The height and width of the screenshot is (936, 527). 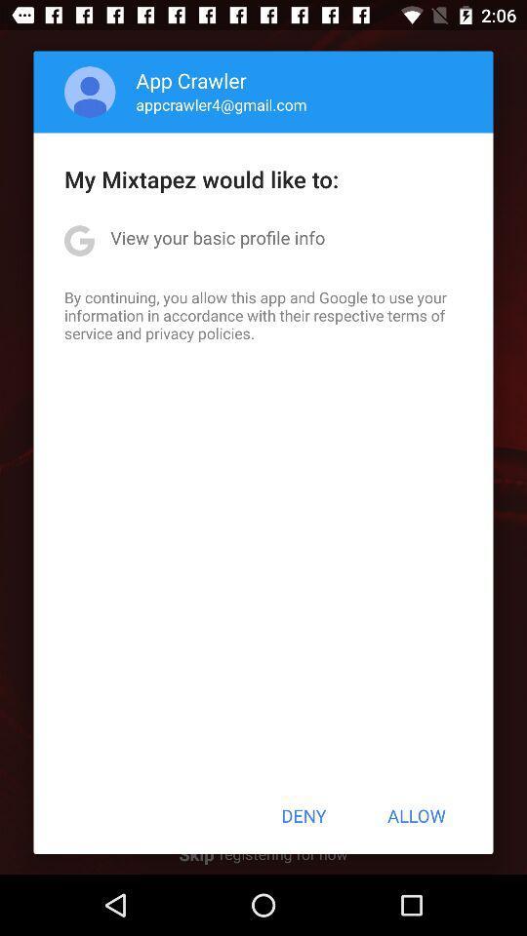 I want to click on the deny icon, so click(x=304, y=815).